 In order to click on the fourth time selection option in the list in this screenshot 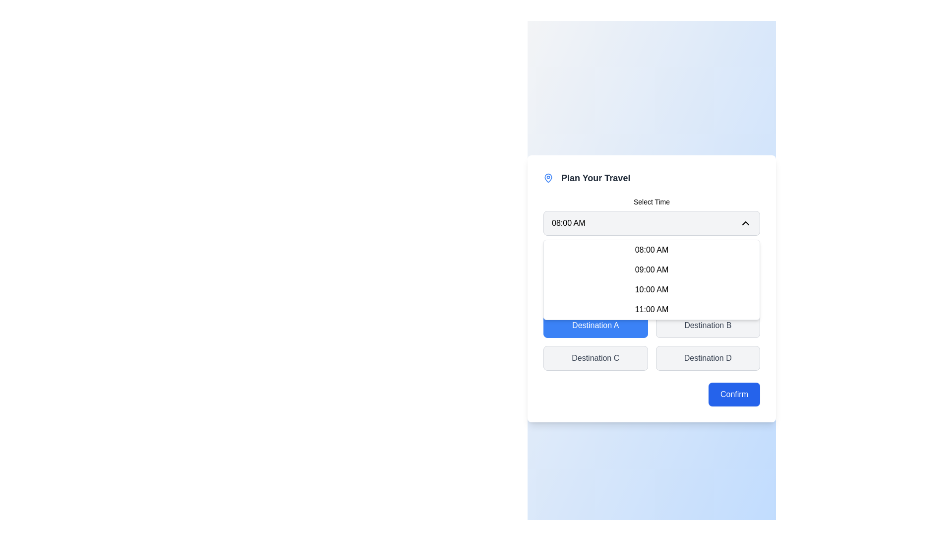, I will do `click(652, 309)`.